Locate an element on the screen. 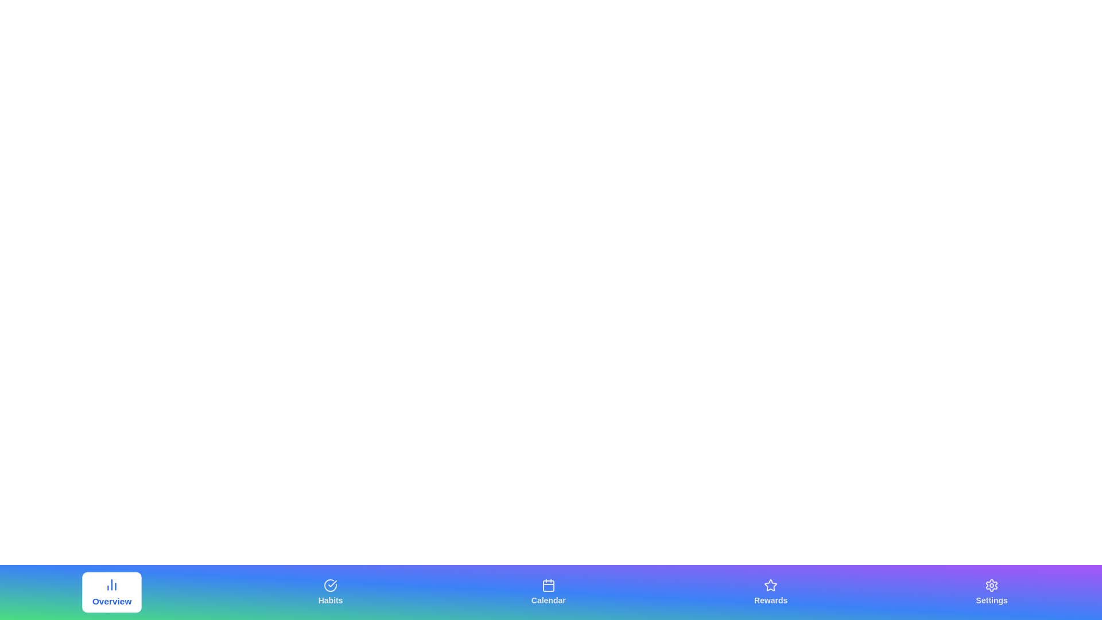 The image size is (1102, 620). the Overview button to navigate to the corresponding tab is located at coordinates (112, 592).